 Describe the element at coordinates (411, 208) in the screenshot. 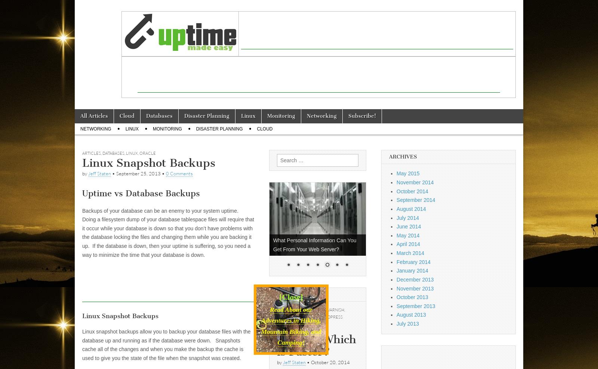

I see `'August 2014'` at that location.